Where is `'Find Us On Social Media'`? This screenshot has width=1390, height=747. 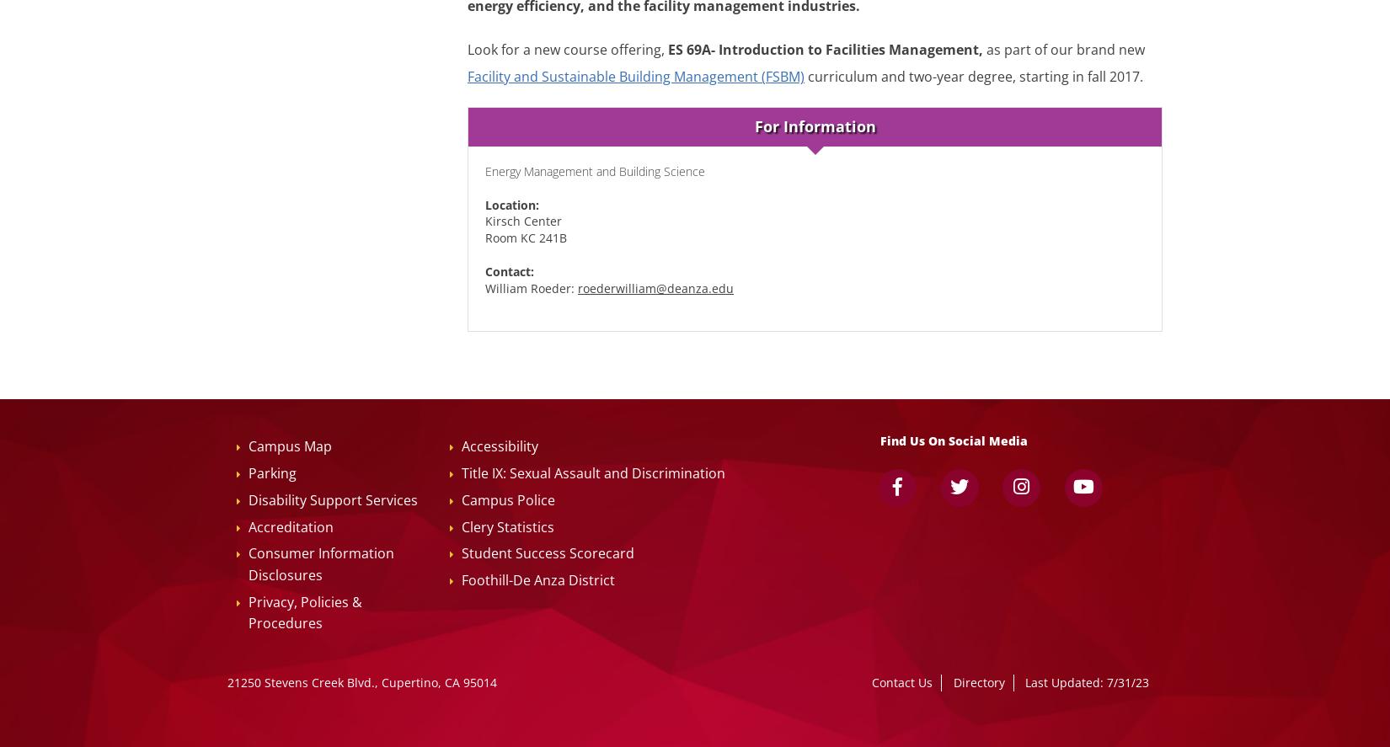
'Find Us On Social Media' is located at coordinates (954, 440).